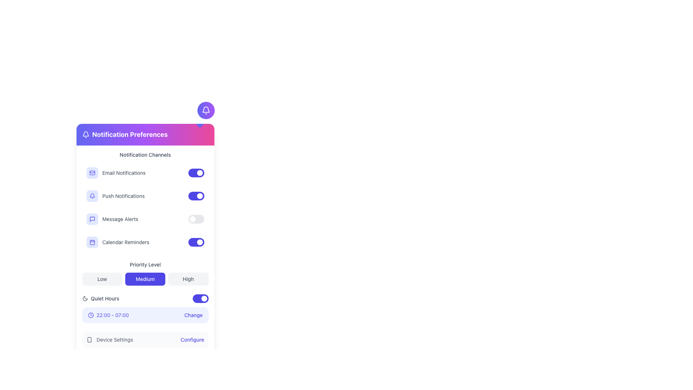  What do you see at coordinates (200, 196) in the screenshot?
I see `the toggle indicator within the toggle switch area` at bounding box center [200, 196].